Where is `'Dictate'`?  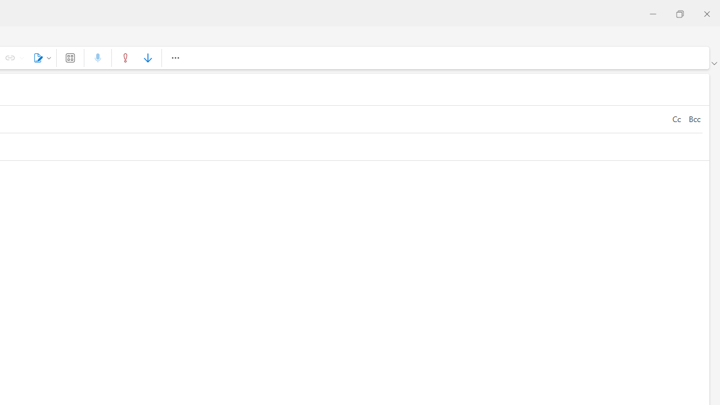
'Dictate' is located at coordinates (98, 57).